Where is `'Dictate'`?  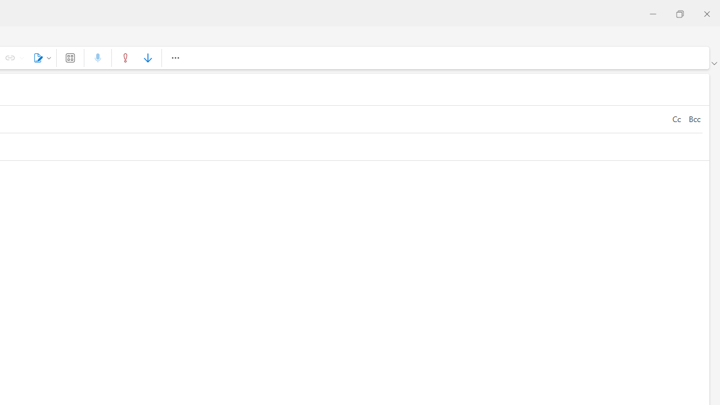
'Dictate' is located at coordinates (98, 57).